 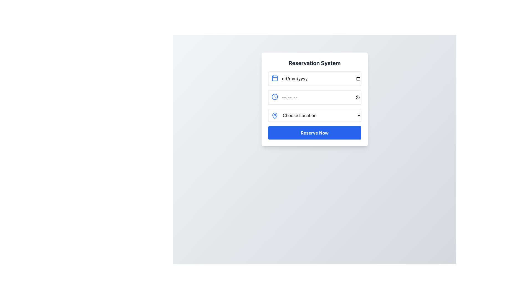 What do you see at coordinates (275, 97) in the screenshot?
I see `the blue clock icon located in the upper-left corner of the second input field for time selection, adjacent to the placeholder text '--:-- --'` at bounding box center [275, 97].